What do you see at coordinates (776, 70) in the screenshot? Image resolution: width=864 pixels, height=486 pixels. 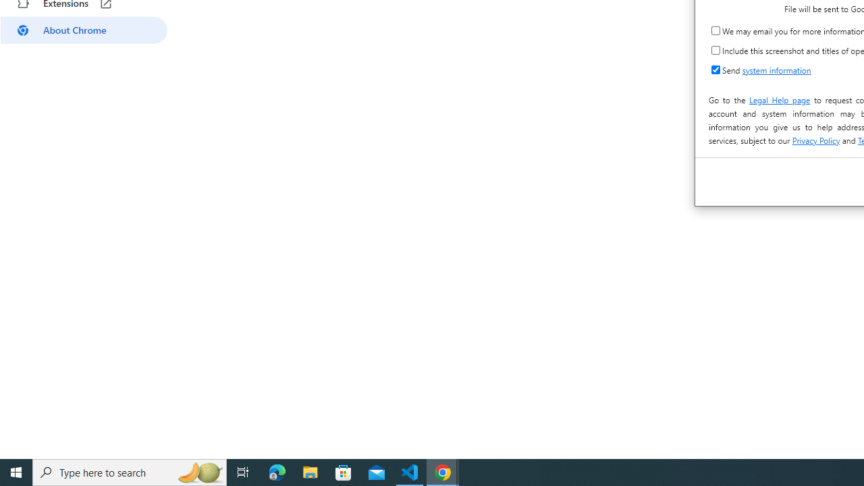 I see `'system information'` at bounding box center [776, 70].